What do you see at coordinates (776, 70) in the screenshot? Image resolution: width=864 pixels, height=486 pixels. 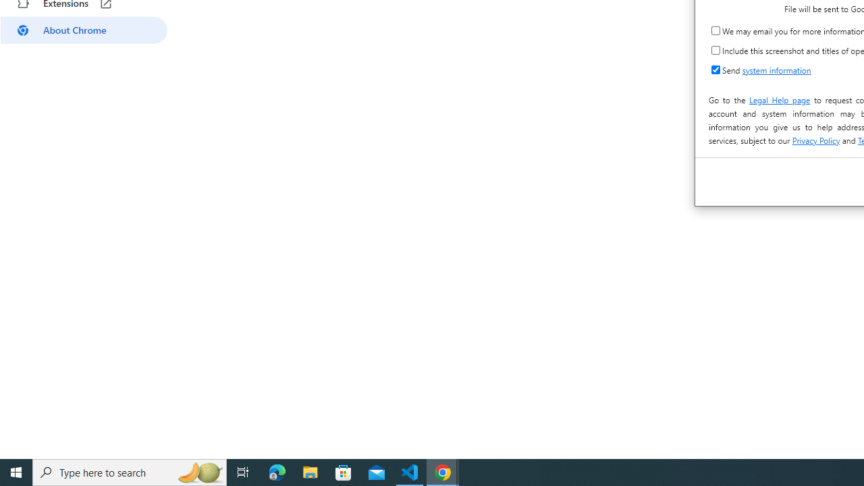 I see `'system information'` at bounding box center [776, 70].